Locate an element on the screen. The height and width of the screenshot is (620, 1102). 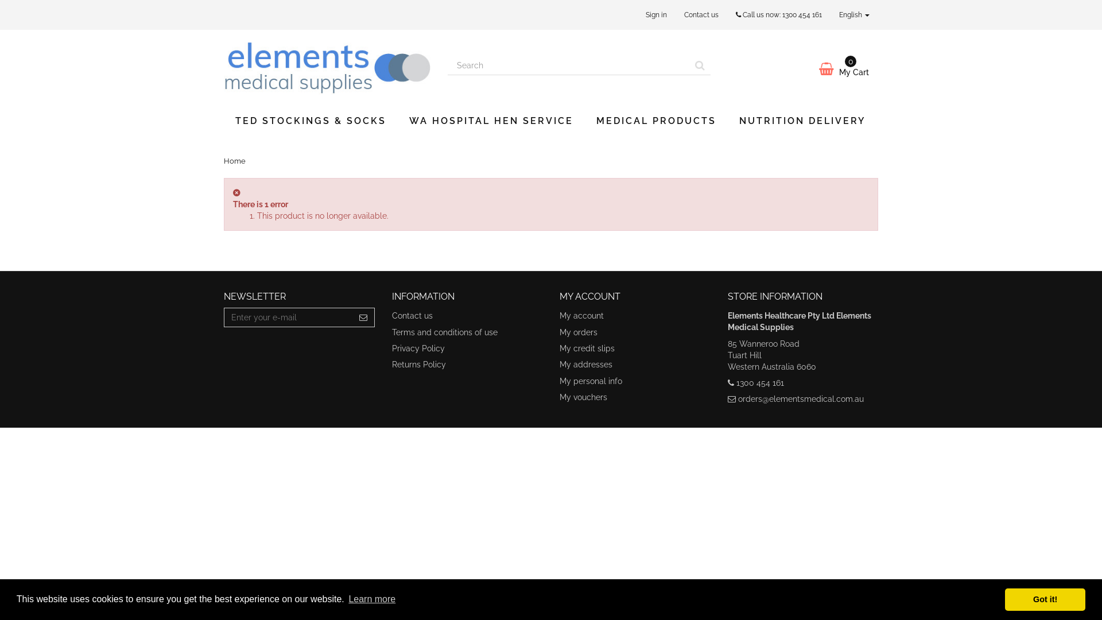
'Elements Medical Supplies' is located at coordinates (327, 66).